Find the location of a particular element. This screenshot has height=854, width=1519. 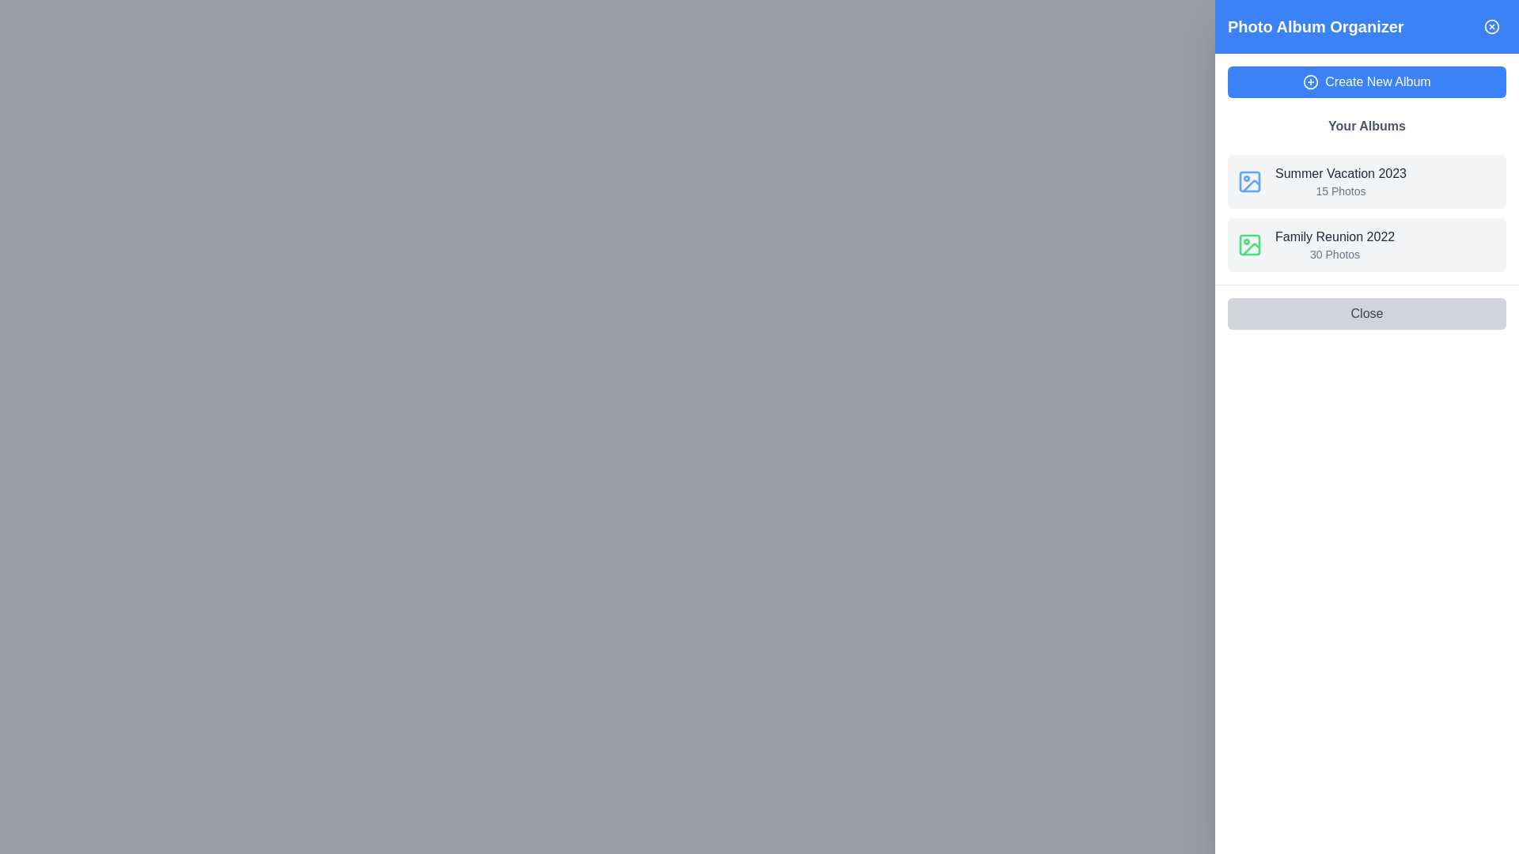

the top-left subcomponent of the album icon in the 'Your Albums' section of the 'Photo Album Organizer' sidebar, which outlines the central area of the album icon is located at coordinates (1248, 244).